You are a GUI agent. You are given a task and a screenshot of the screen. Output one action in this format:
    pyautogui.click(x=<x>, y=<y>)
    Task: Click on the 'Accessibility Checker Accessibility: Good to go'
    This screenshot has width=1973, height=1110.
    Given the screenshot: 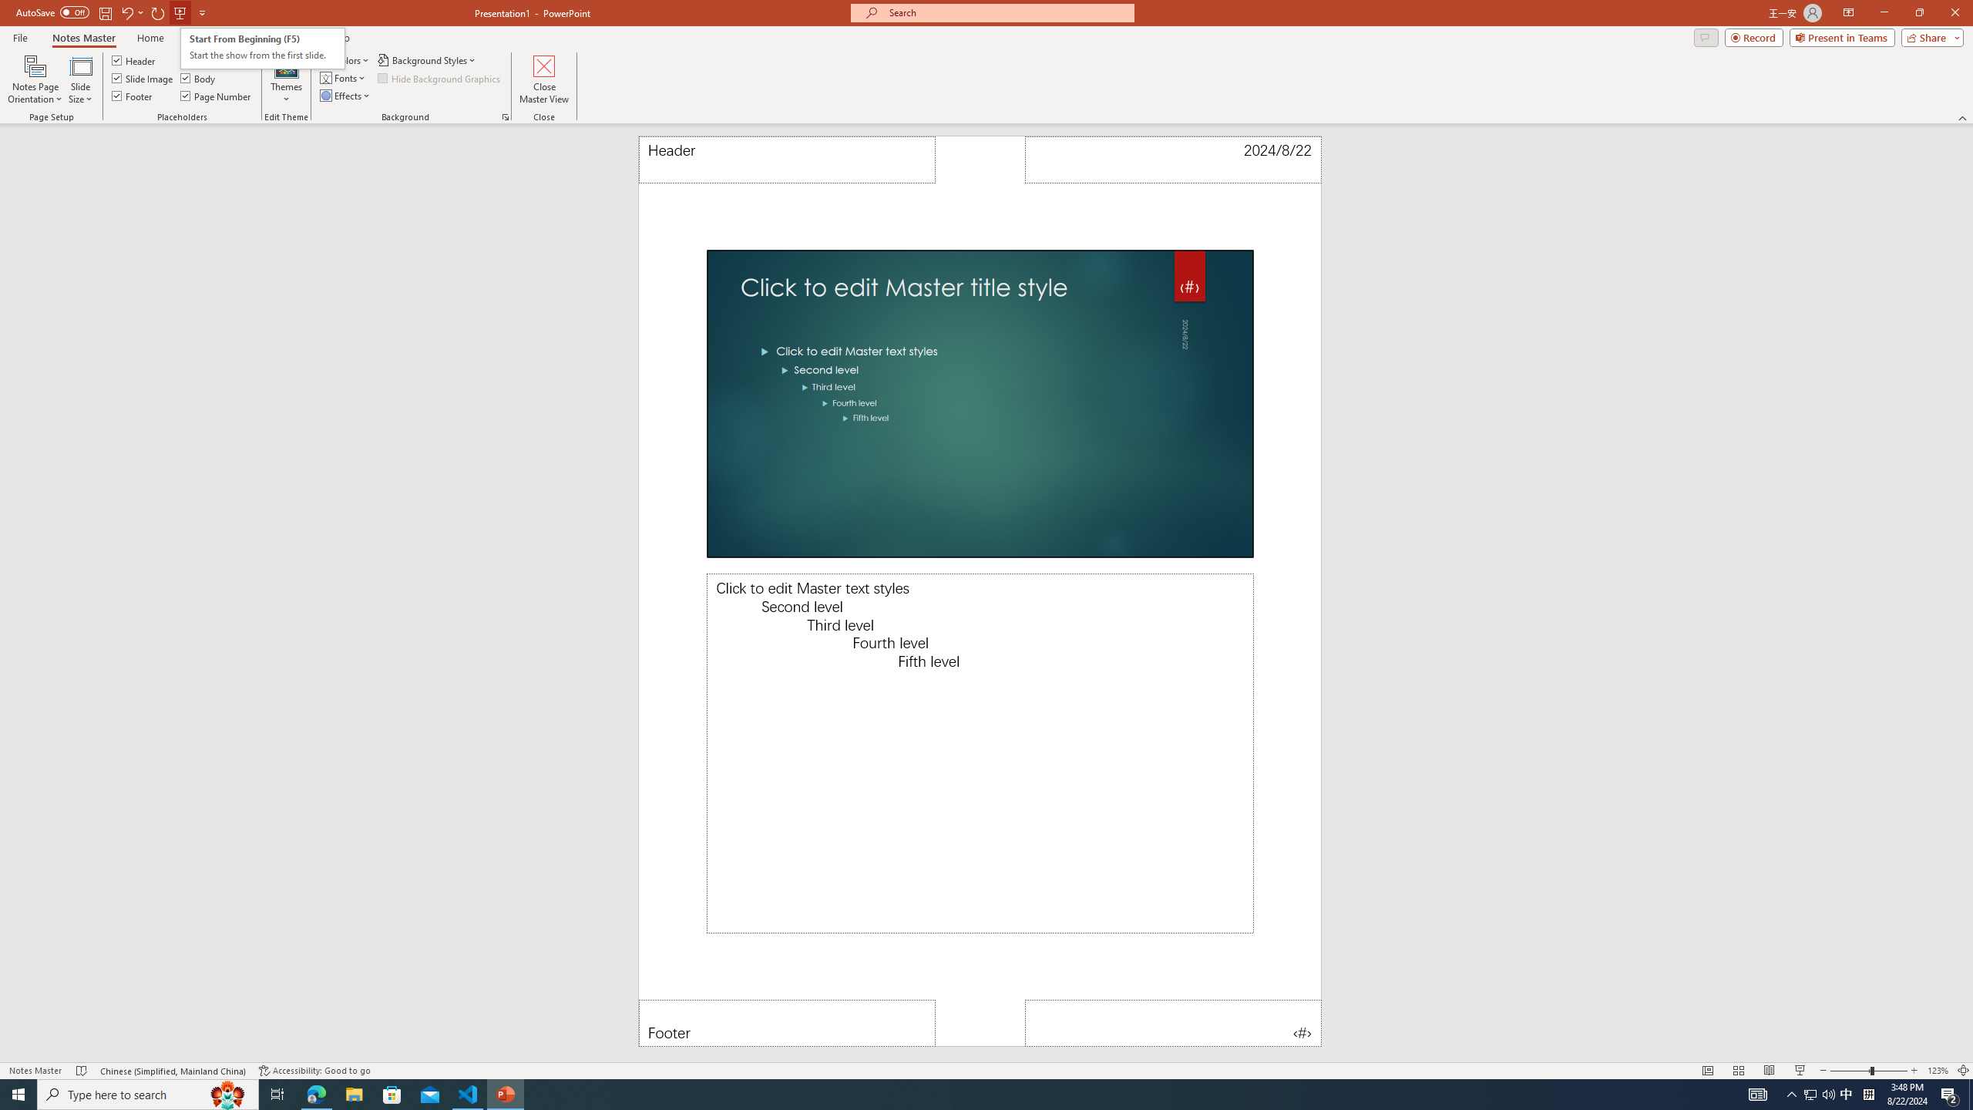 What is the action you would take?
    pyautogui.click(x=314, y=1071)
    